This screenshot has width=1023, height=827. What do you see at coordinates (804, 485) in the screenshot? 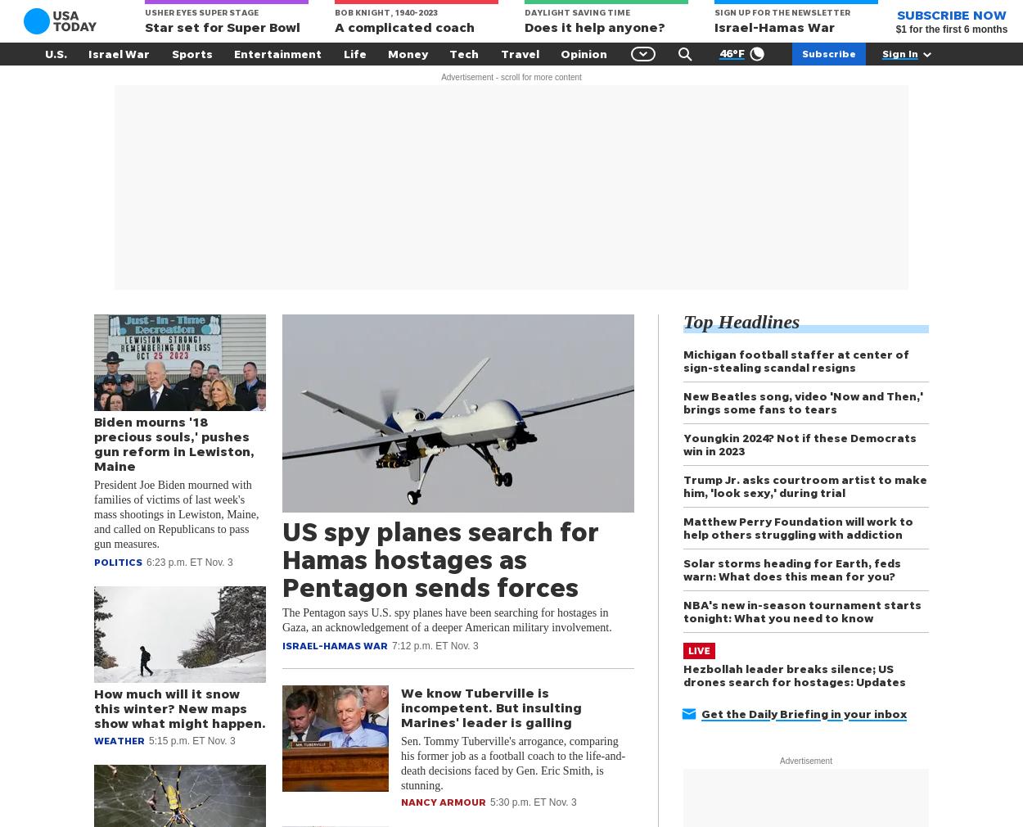
I see `'Trump Jr. asks courtroom artist to make him, 'look sexy,' during trial'` at bounding box center [804, 485].